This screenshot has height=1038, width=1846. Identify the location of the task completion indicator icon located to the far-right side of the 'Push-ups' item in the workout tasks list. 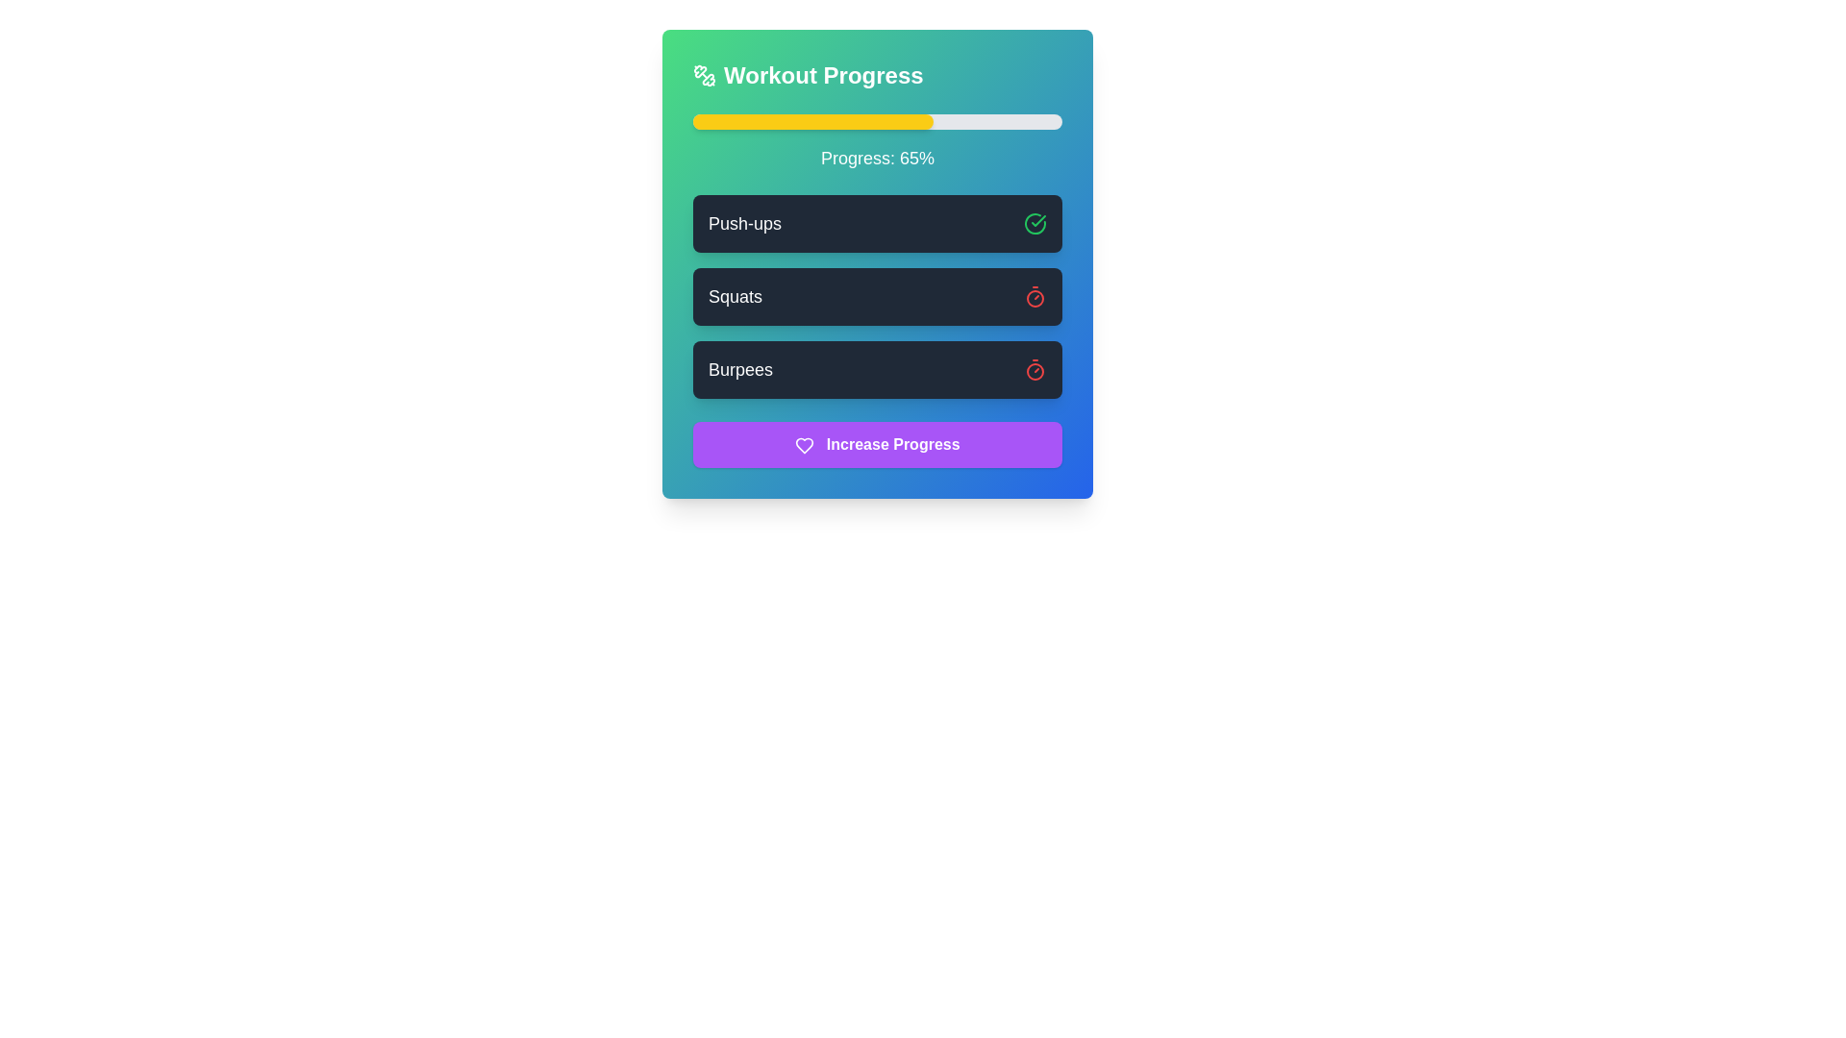
(1034, 222).